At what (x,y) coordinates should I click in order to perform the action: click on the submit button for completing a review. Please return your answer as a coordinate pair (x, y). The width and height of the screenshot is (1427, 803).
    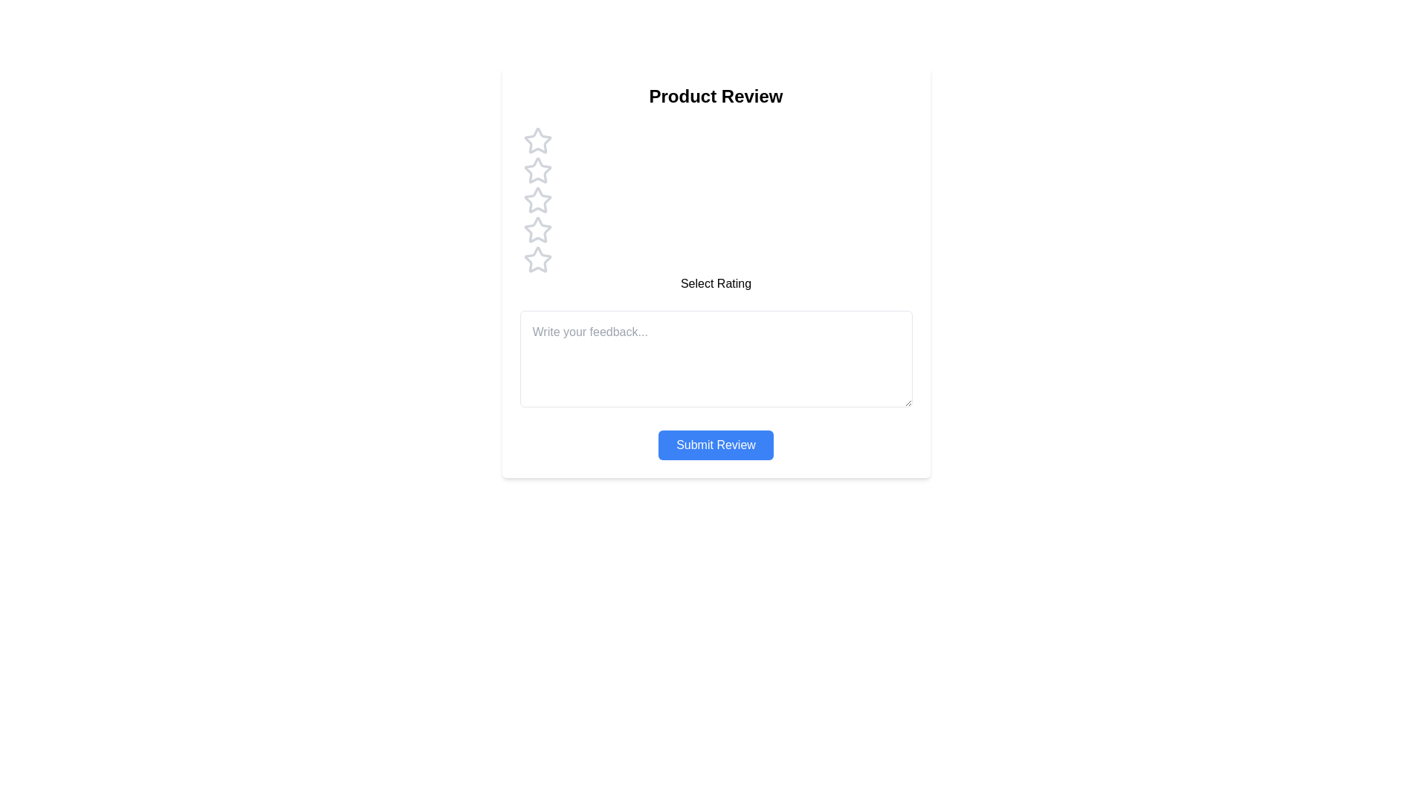
    Looking at the image, I should click on (716, 444).